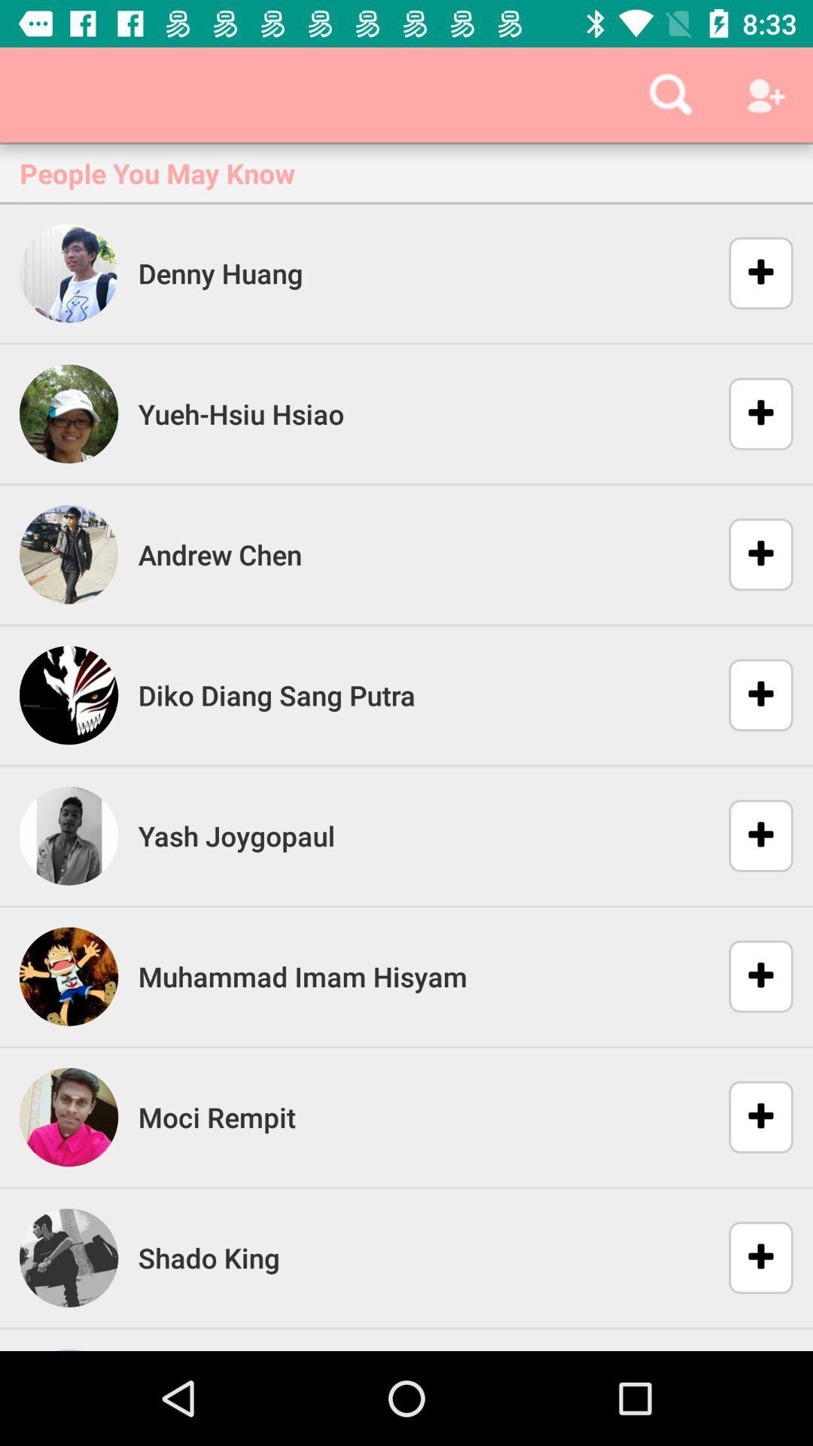 This screenshot has height=1446, width=813. What do you see at coordinates (751, 554) in the screenshot?
I see `icon on the right side of andrew chen` at bounding box center [751, 554].